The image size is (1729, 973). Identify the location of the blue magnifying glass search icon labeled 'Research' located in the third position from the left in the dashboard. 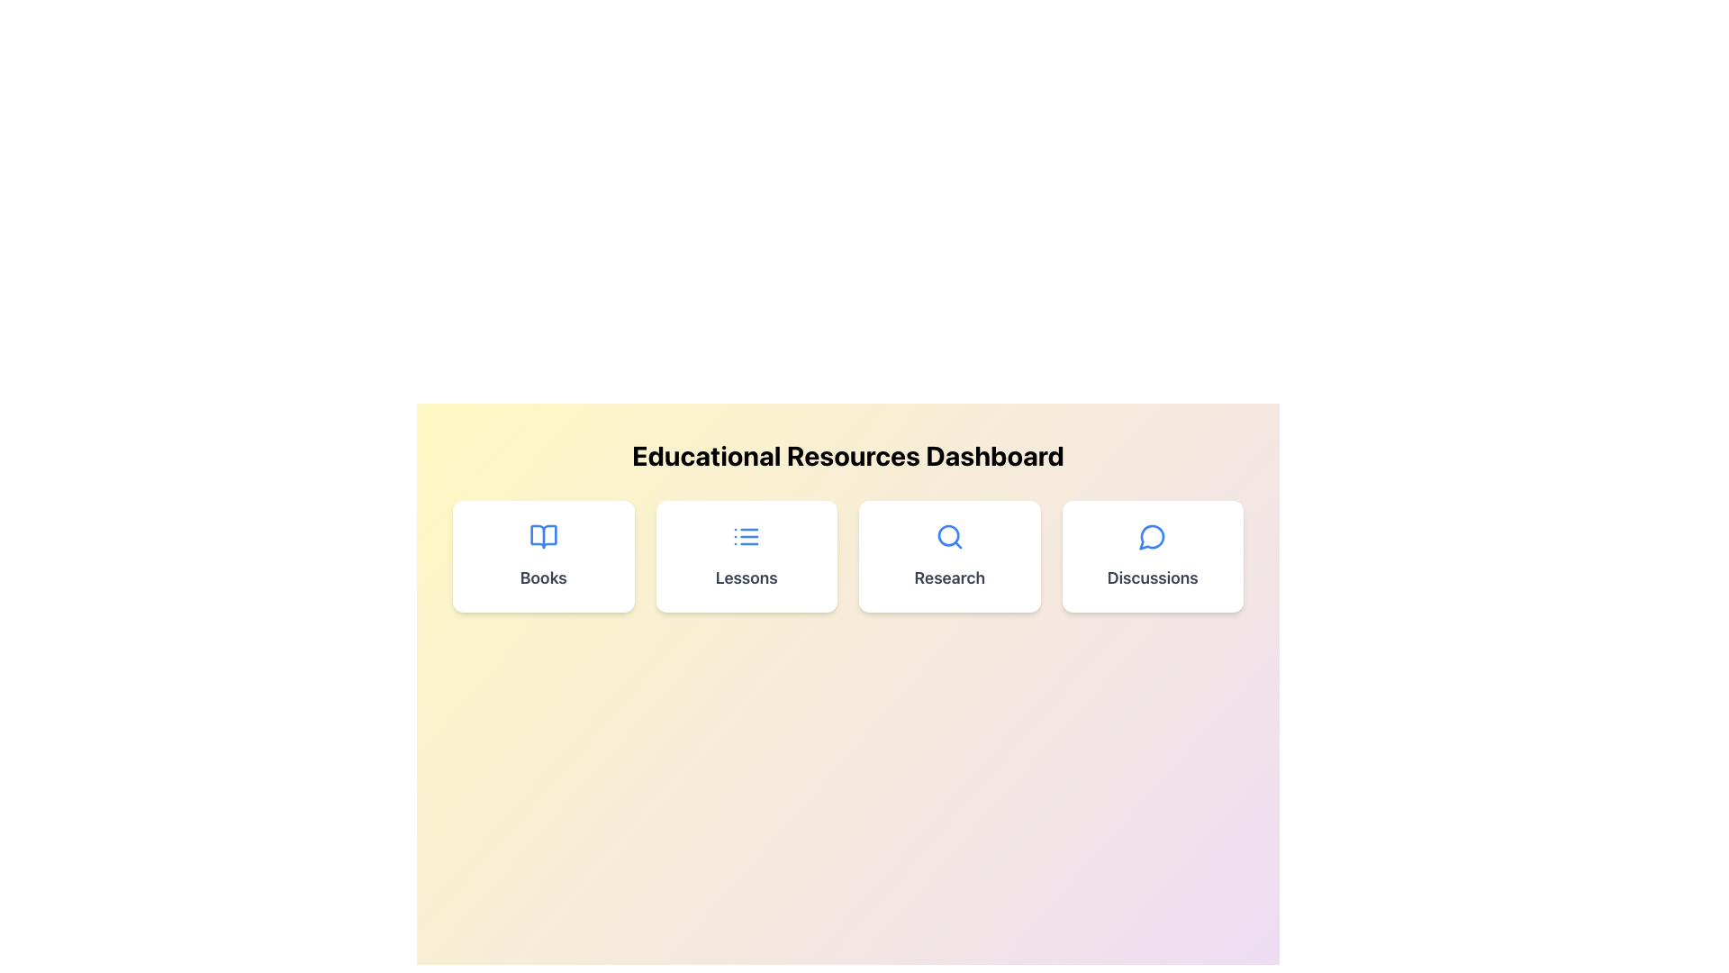
(948, 536).